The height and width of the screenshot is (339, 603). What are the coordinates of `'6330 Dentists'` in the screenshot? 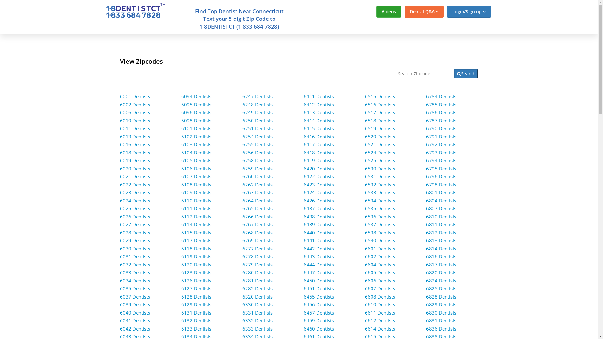 It's located at (258, 304).